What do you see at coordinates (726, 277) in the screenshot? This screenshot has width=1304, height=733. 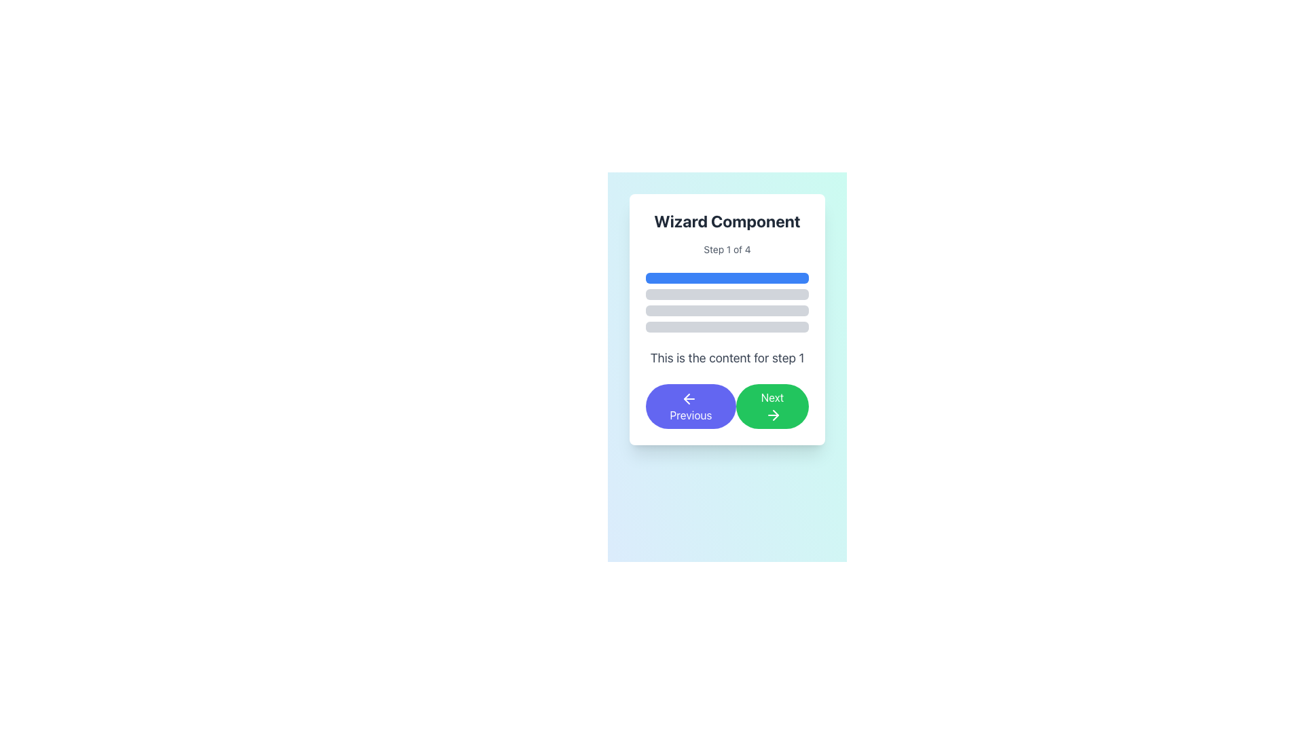 I see `the first blue progress indicator bar located at the top center of the white card layout, which is situated below the 'Step 1 of 4' text` at bounding box center [726, 277].